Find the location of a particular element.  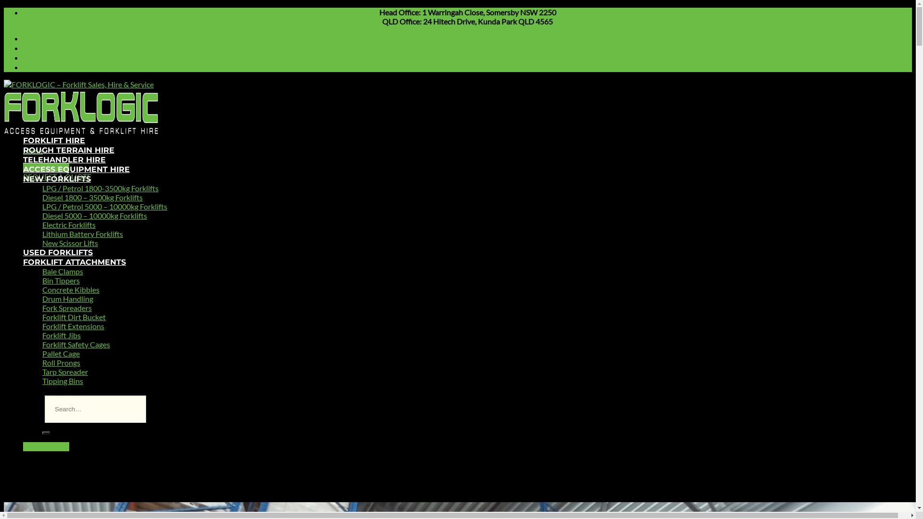

'Rental Terms & Conditions' is located at coordinates (77, 48).